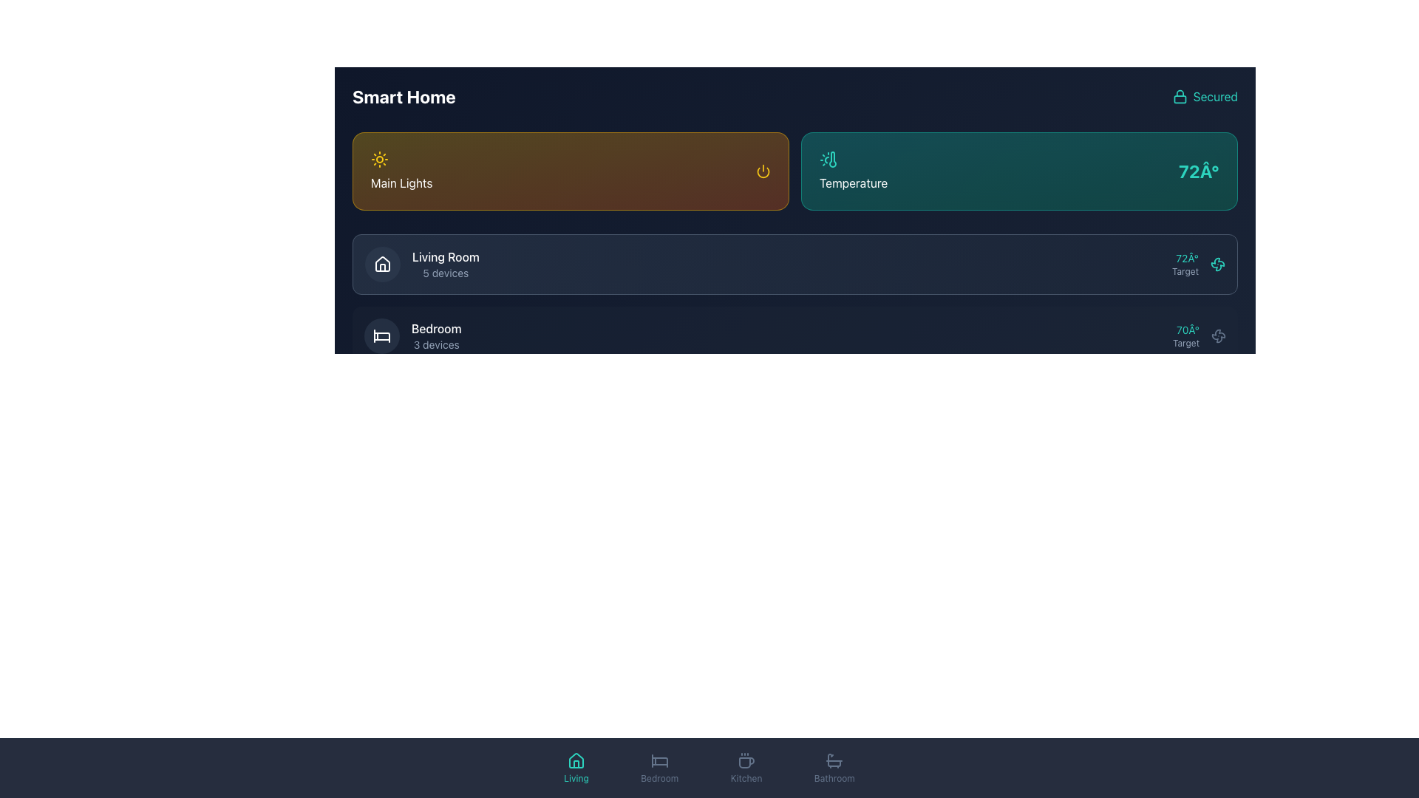  What do you see at coordinates (1219, 336) in the screenshot?
I see `the fan icon located at the far-right of the temperature display, which shows '70°' and the label 'Target'` at bounding box center [1219, 336].